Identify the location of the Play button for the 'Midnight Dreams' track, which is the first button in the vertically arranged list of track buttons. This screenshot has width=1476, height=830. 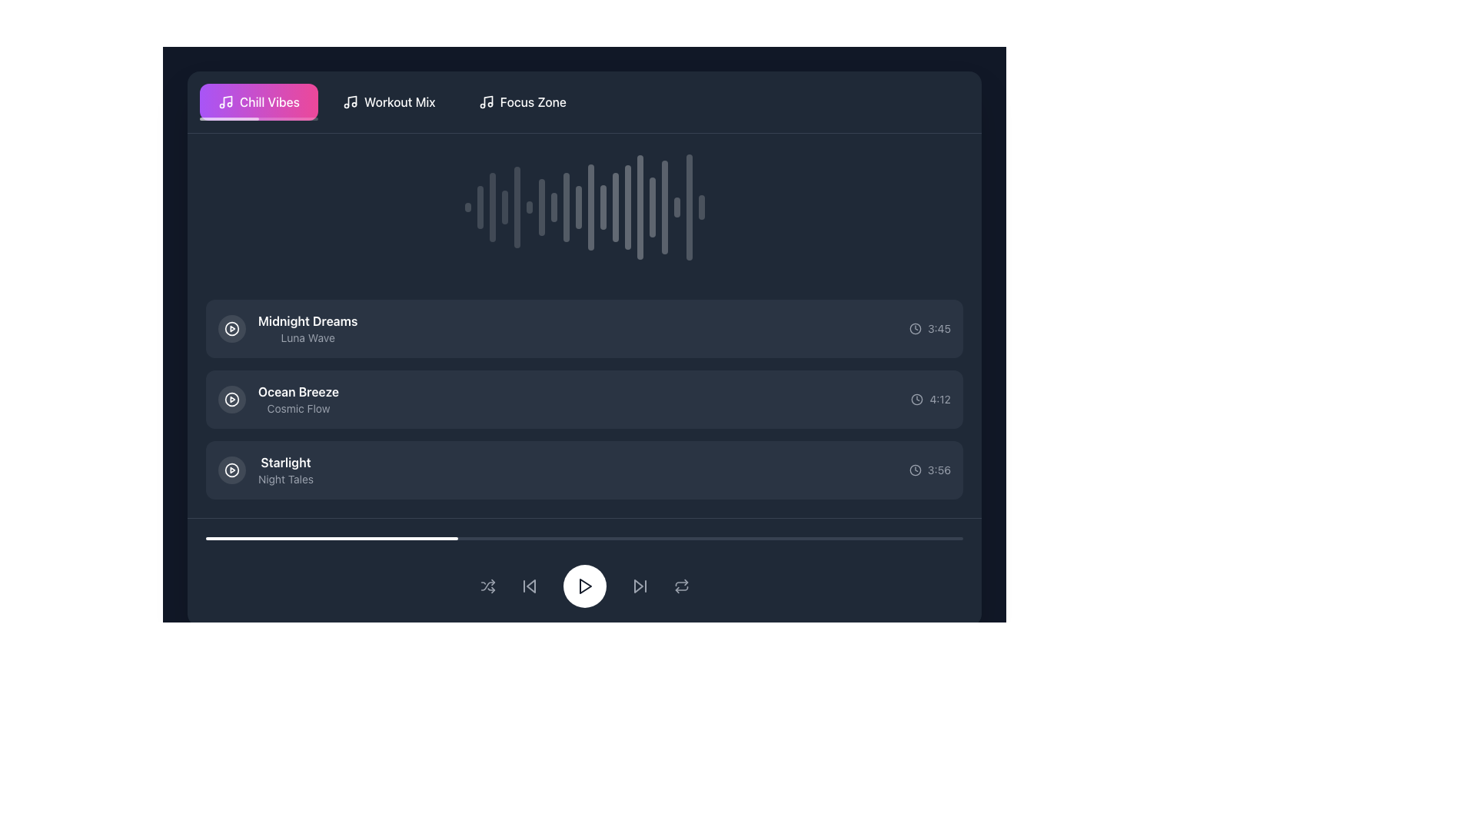
(231, 328).